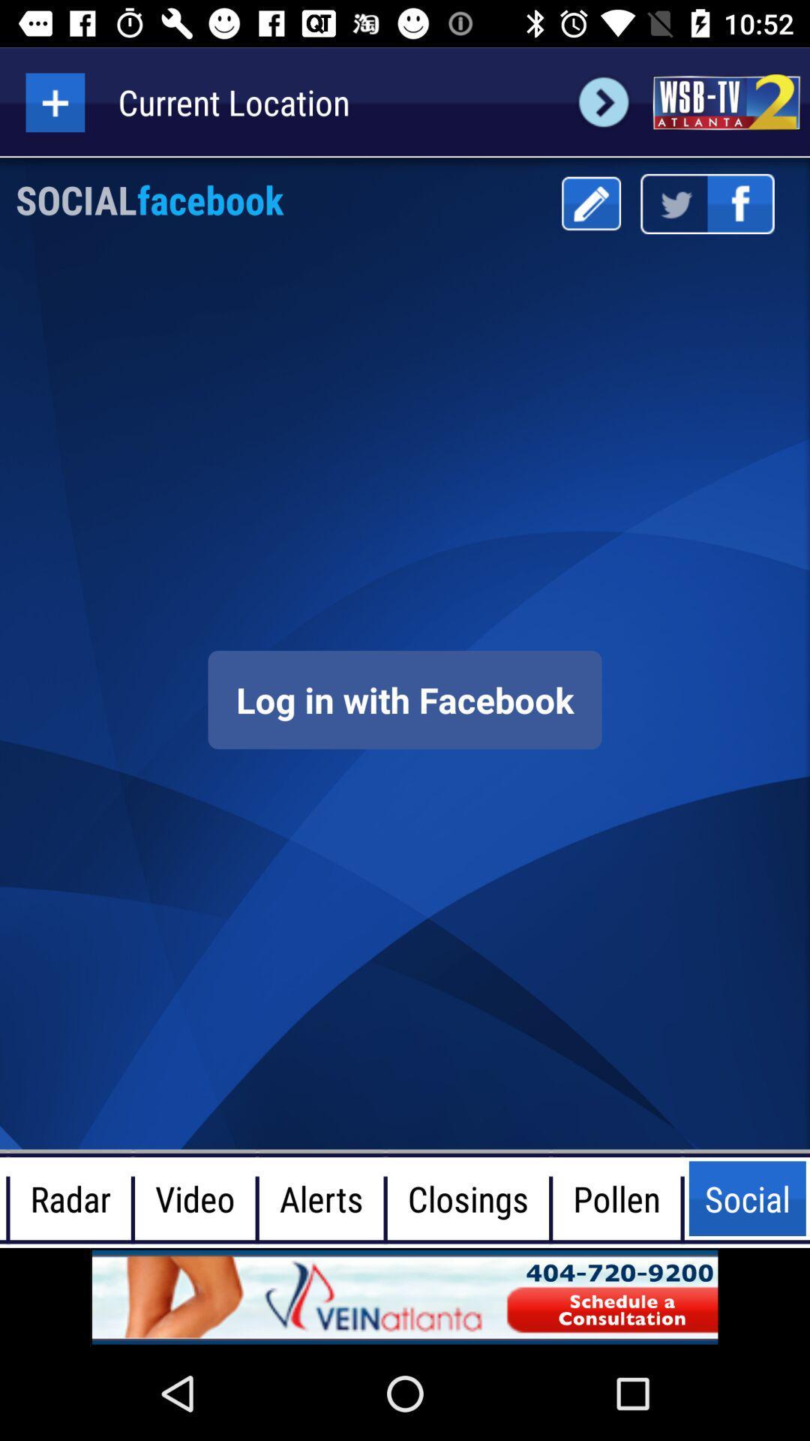 The width and height of the screenshot is (810, 1441). What do you see at coordinates (682, 1198) in the screenshot?
I see `the black line between pollen and social` at bounding box center [682, 1198].